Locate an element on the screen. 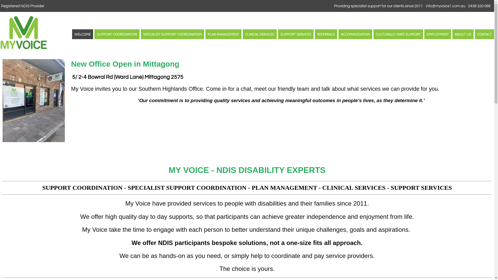 The width and height of the screenshot is (498, 280). 'SUPPORT SERVICES' is located at coordinates (296, 34).